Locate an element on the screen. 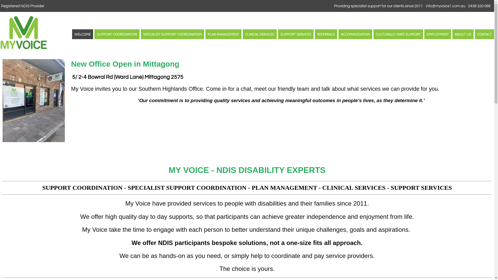 The width and height of the screenshot is (498, 280). 'SUPPORT SERVICES' is located at coordinates (296, 34).